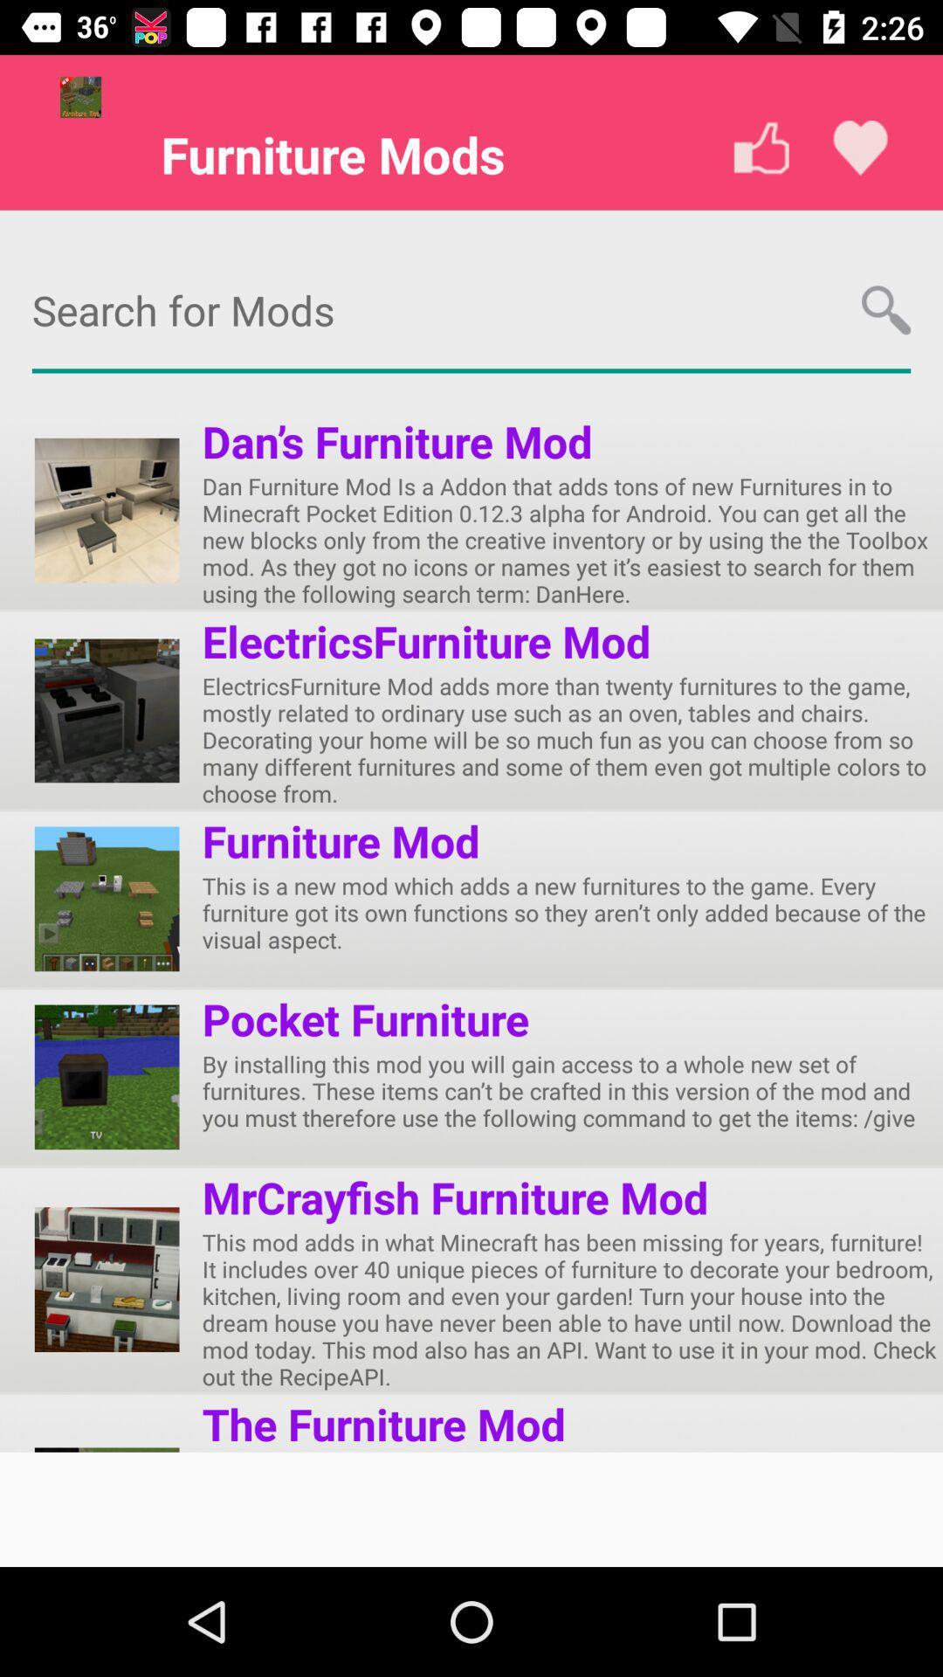 The width and height of the screenshot is (943, 1677). I want to click on app above the mrcrayfish furniture mod icon, so click(572, 1090).